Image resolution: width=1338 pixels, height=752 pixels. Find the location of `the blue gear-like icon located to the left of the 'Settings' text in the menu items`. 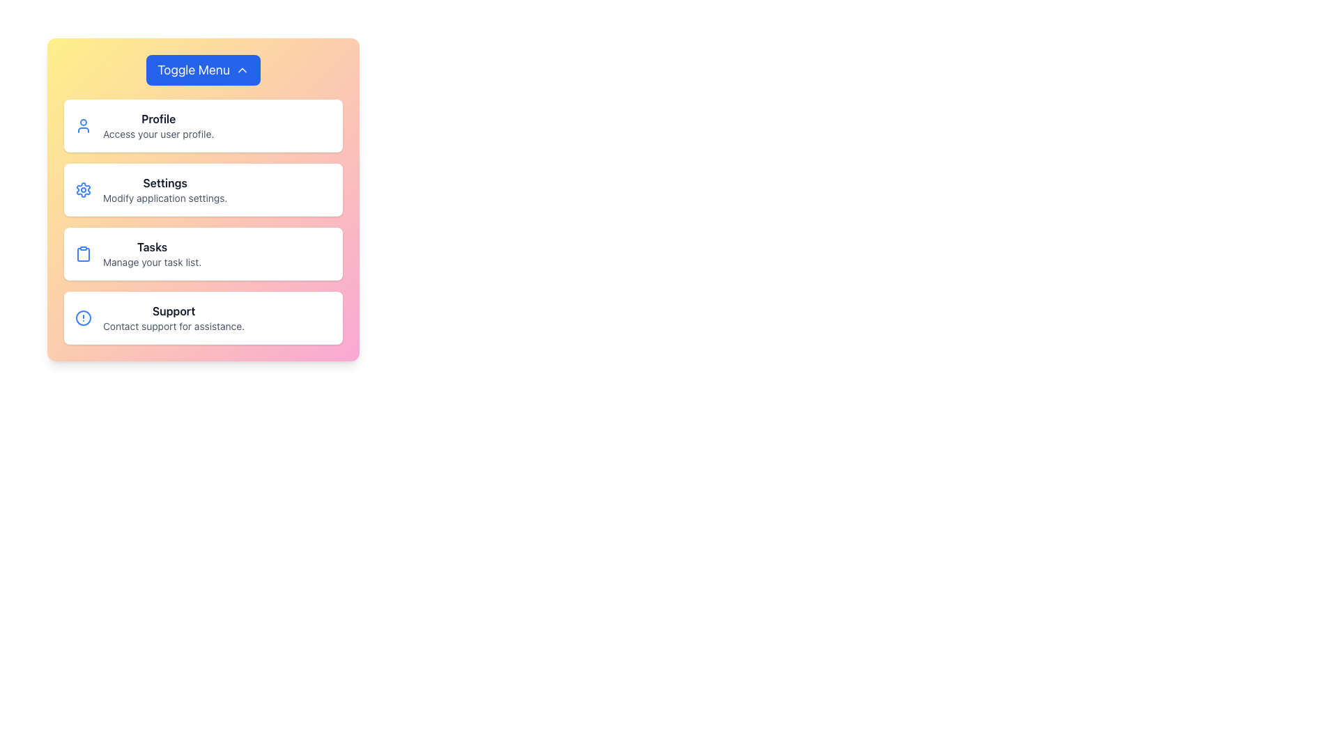

the blue gear-like icon located to the left of the 'Settings' text in the menu items is located at coordinates (83, 190).